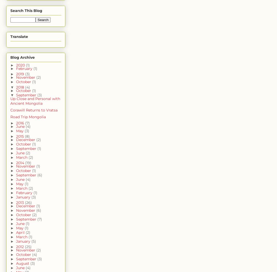  I want to click on '2019', so click(20, 74).